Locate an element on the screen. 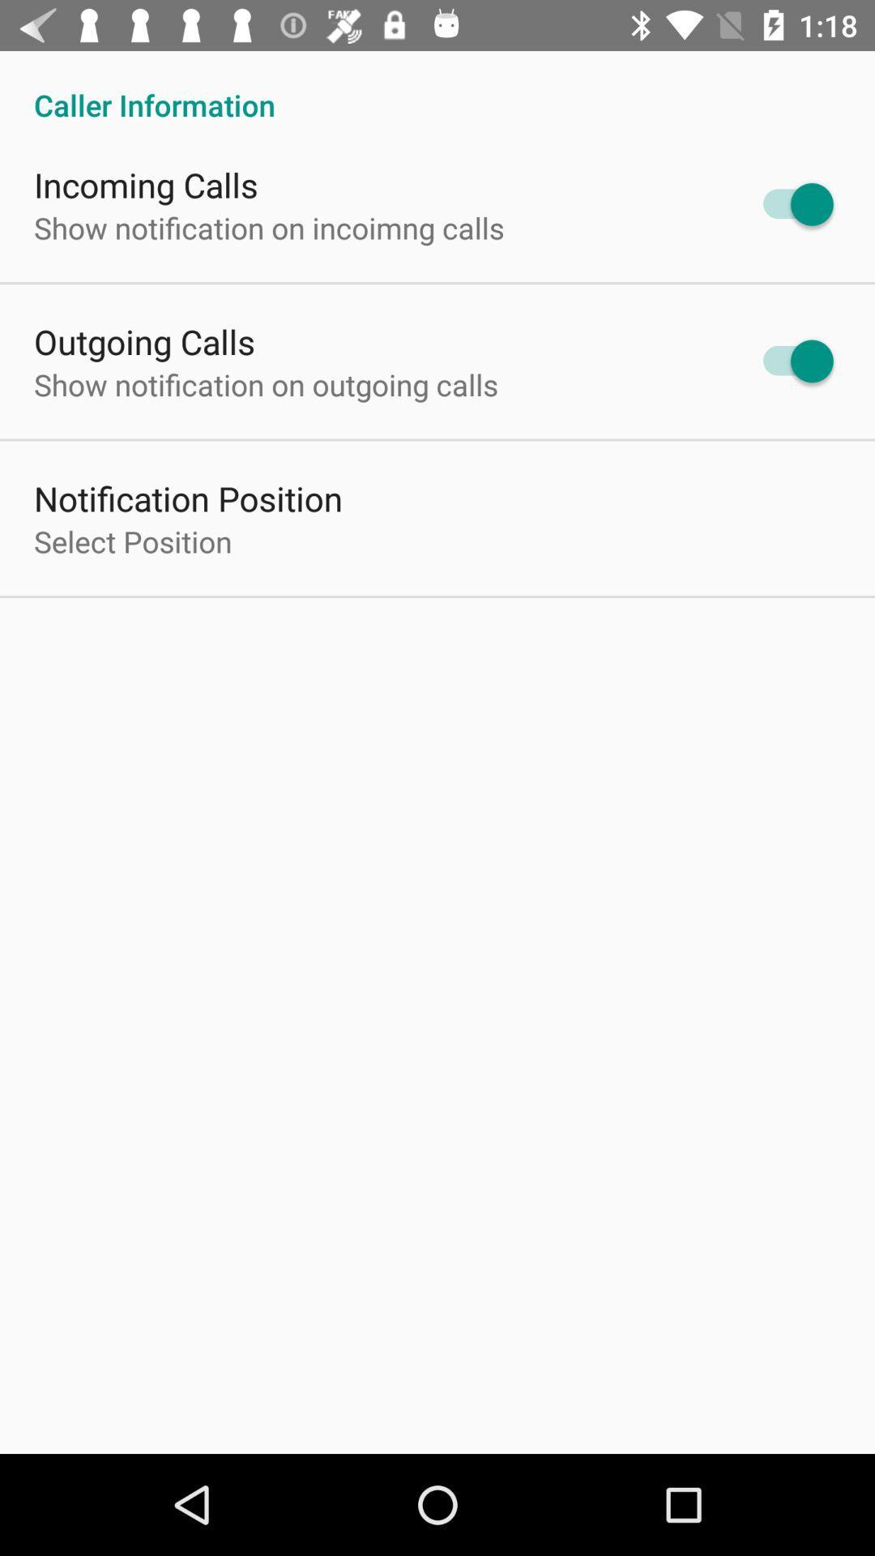 The image size is (875, 1556). app above select position app is located at coordinates (187, 497).